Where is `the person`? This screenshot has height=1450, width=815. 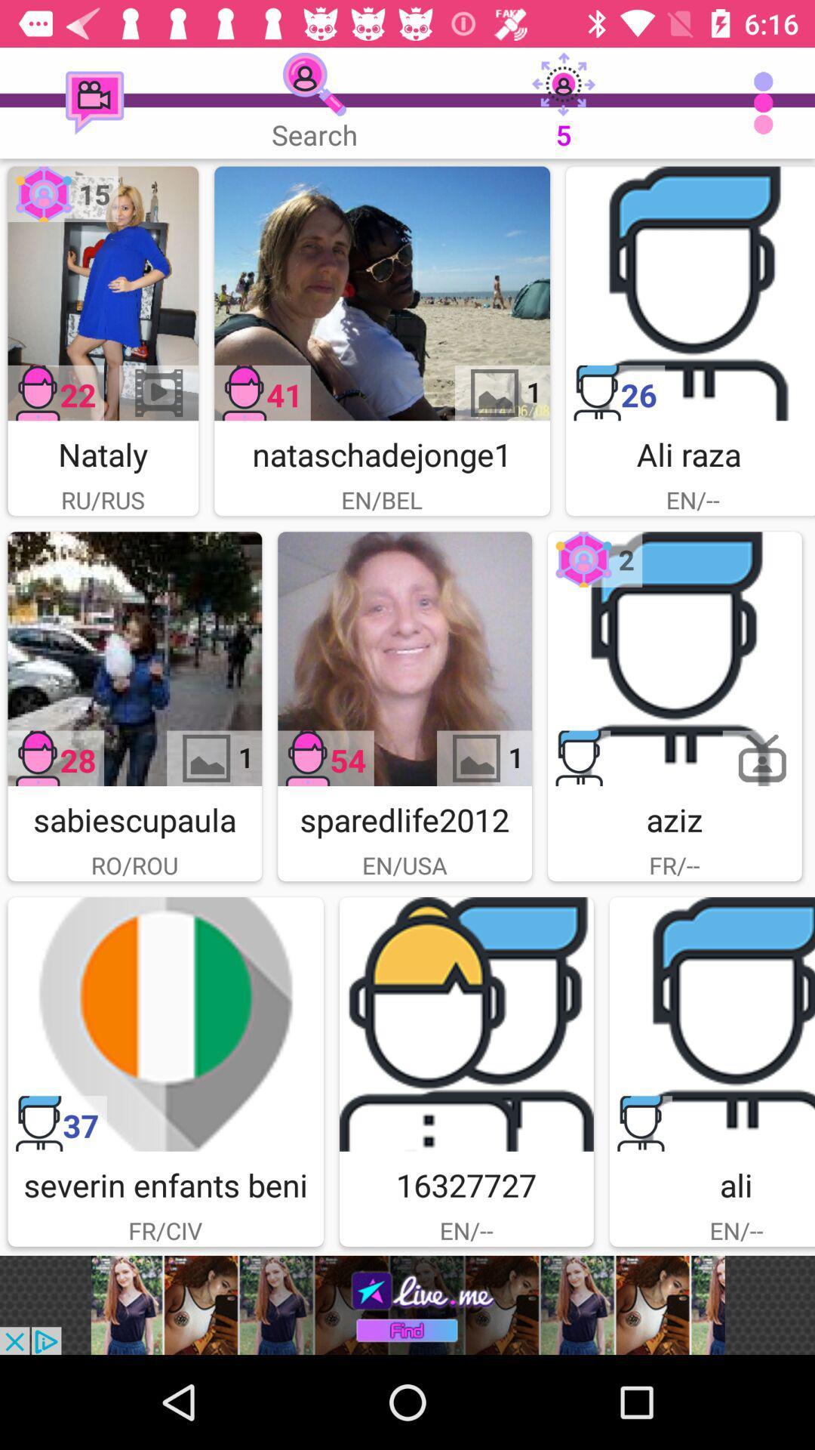
the person is located at coordinates (690, 293).